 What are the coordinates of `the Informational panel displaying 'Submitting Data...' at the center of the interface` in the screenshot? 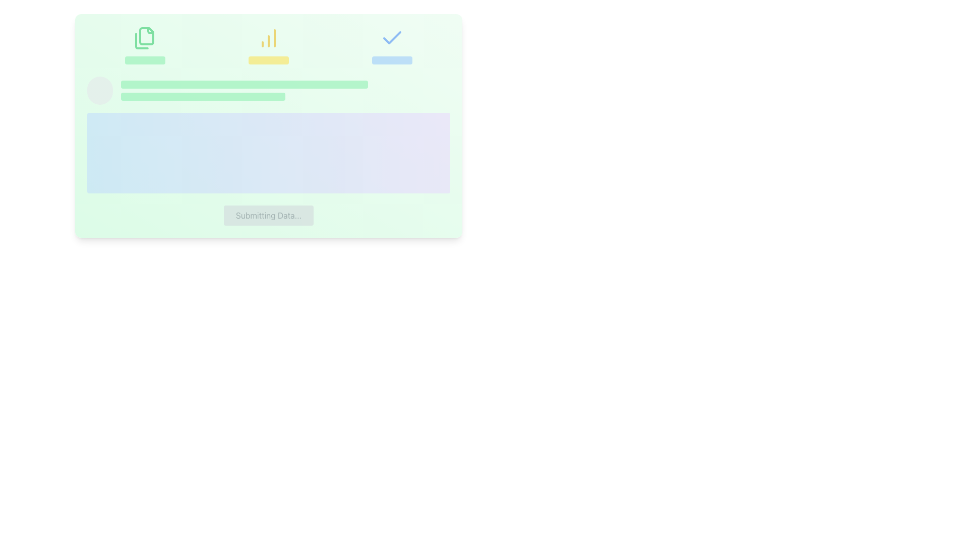 It's located at (268, 125).